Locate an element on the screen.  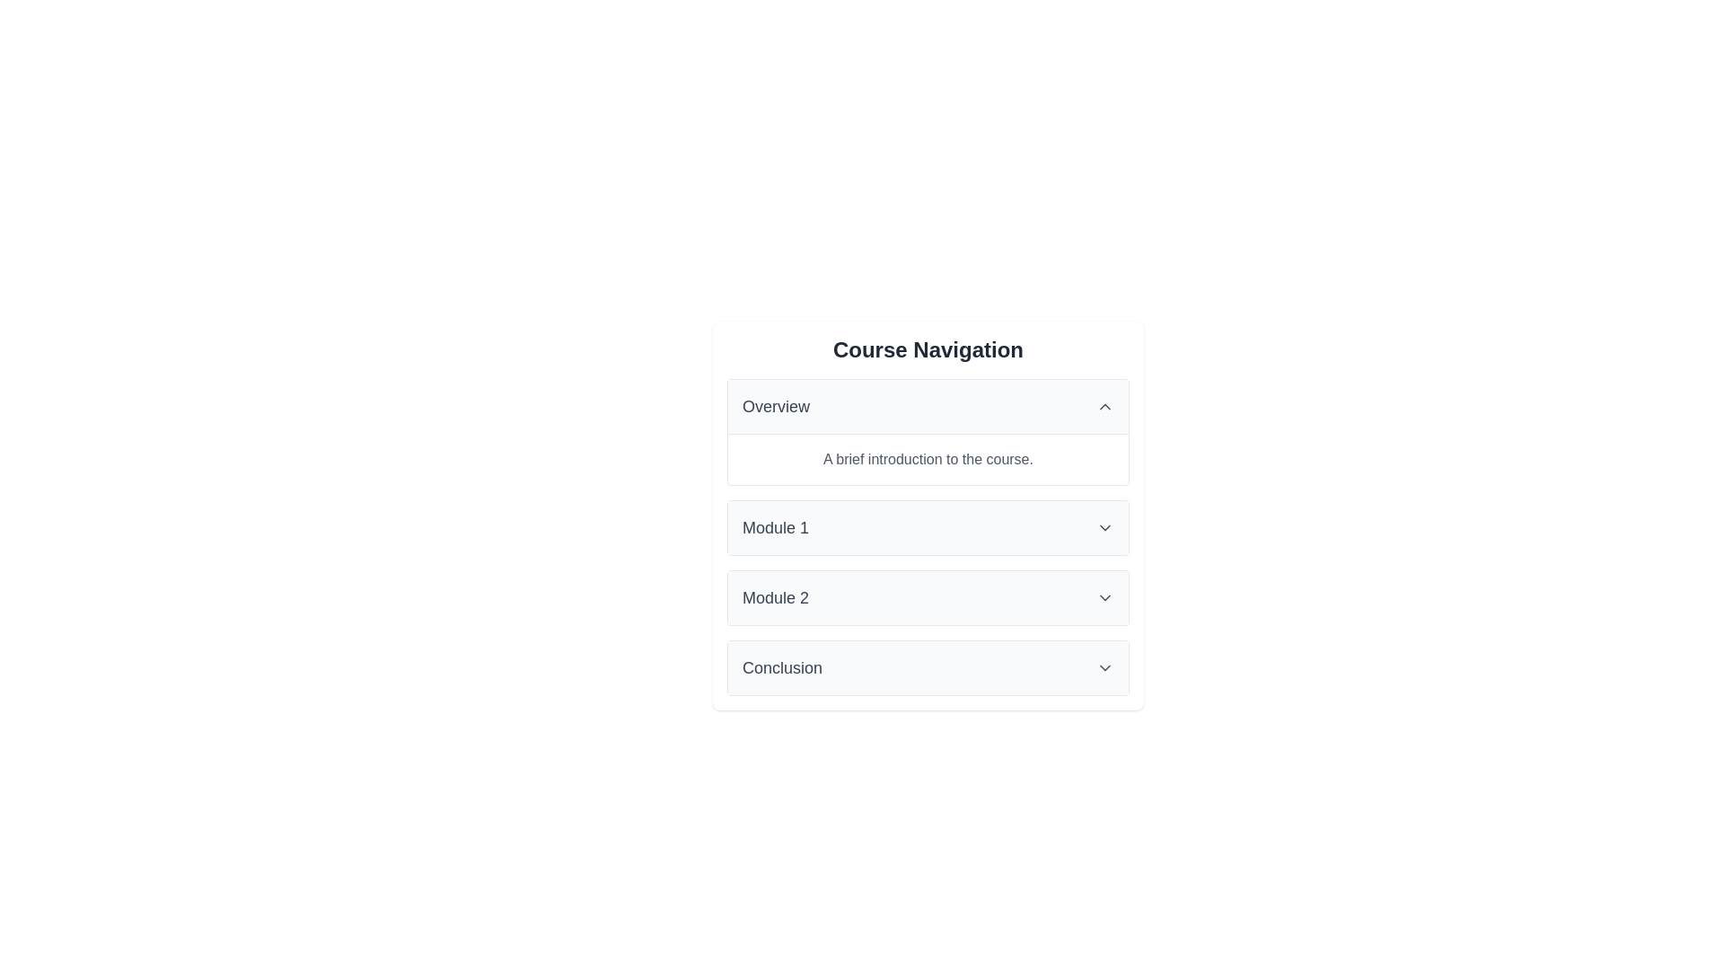
the chevron icon located to the far right of the 'Conclusion' section in the navigation menu, which indicates the ability to expand or collapse this section is located at coordinates (1104, 668).